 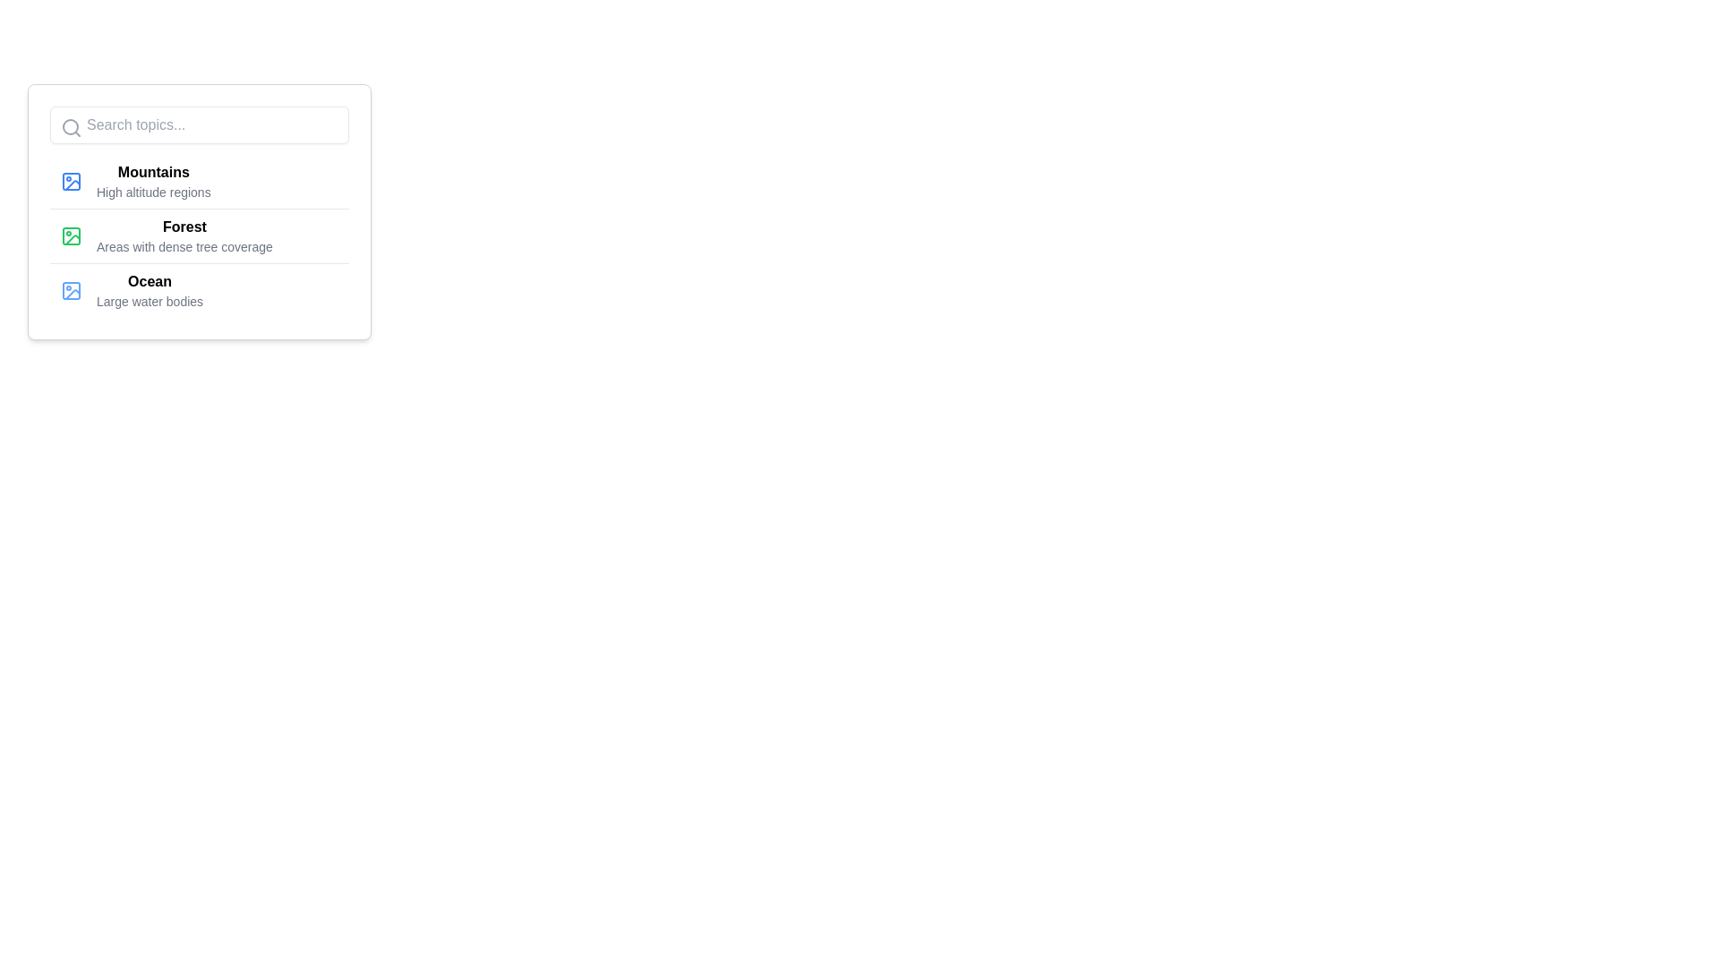 I want to click on the 'Mountains' category selector in the clickable list, so click(x=199, y=182).